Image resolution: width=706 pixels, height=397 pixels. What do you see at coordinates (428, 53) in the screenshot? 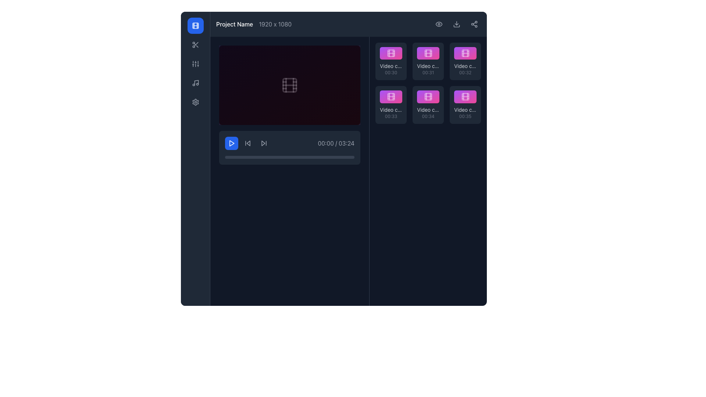
I see `the first icon in the second row of video clip icons` at bounding box center [428, 53].